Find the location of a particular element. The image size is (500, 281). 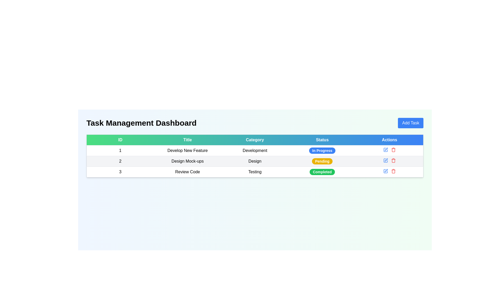

the delete button in the third row of the table under the 'Actions' column to observe the color change is located at coordinates (393, 160).